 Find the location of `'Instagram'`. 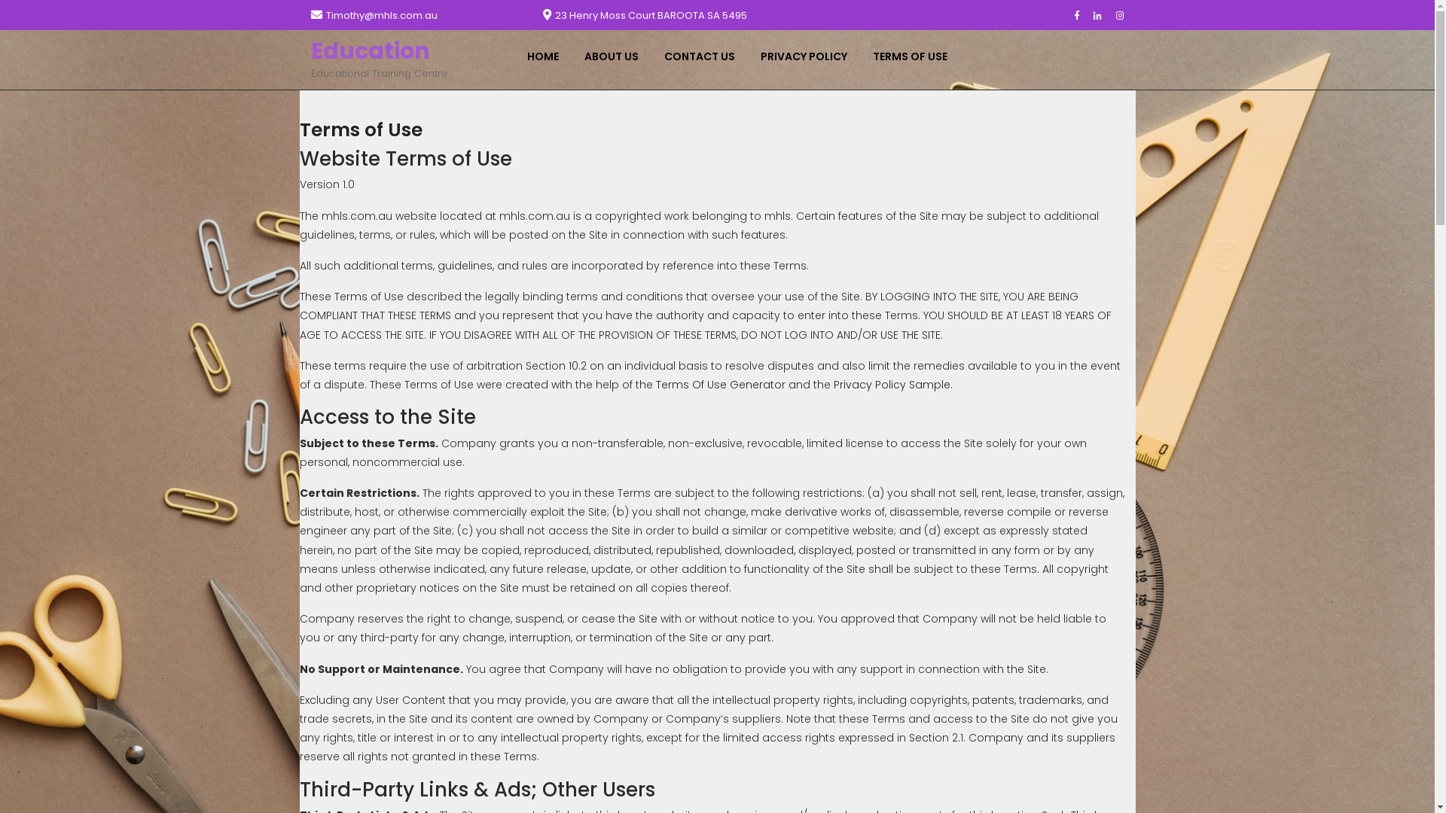

'Instagram' is located at coordinates (1125, 14).